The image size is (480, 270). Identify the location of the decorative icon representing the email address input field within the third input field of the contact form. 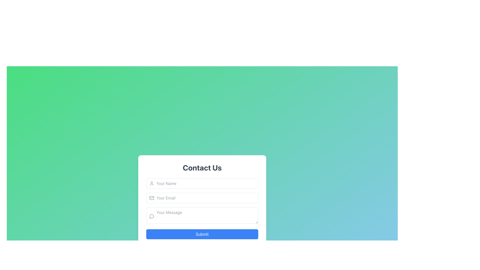
(151, 197).